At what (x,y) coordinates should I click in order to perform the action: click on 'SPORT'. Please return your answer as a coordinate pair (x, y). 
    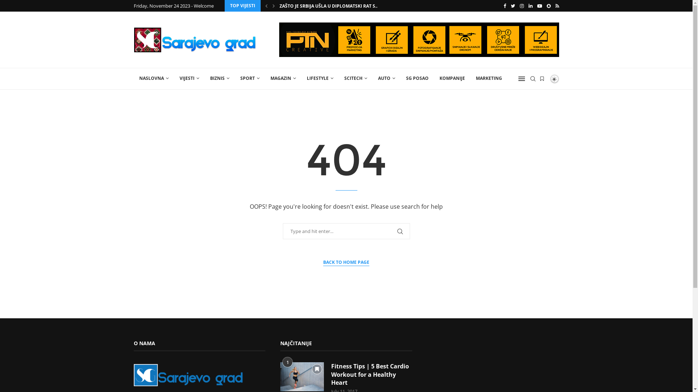
    Looking at the image, I should click on (235, 78).